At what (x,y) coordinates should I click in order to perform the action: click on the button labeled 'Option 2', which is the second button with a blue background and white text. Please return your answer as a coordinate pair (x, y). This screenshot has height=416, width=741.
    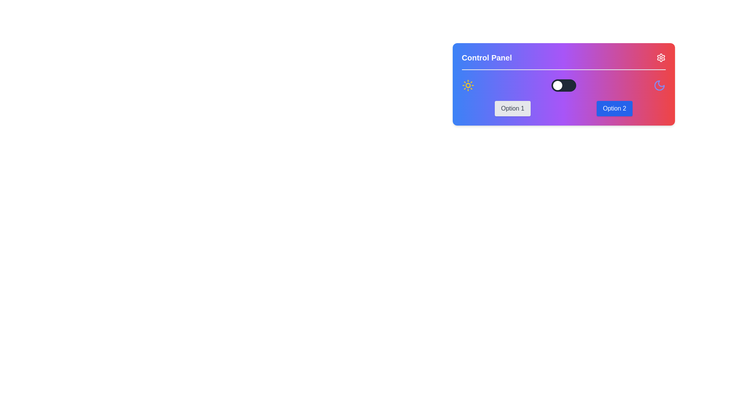
    Looking at the image, I should click on (614, 108).